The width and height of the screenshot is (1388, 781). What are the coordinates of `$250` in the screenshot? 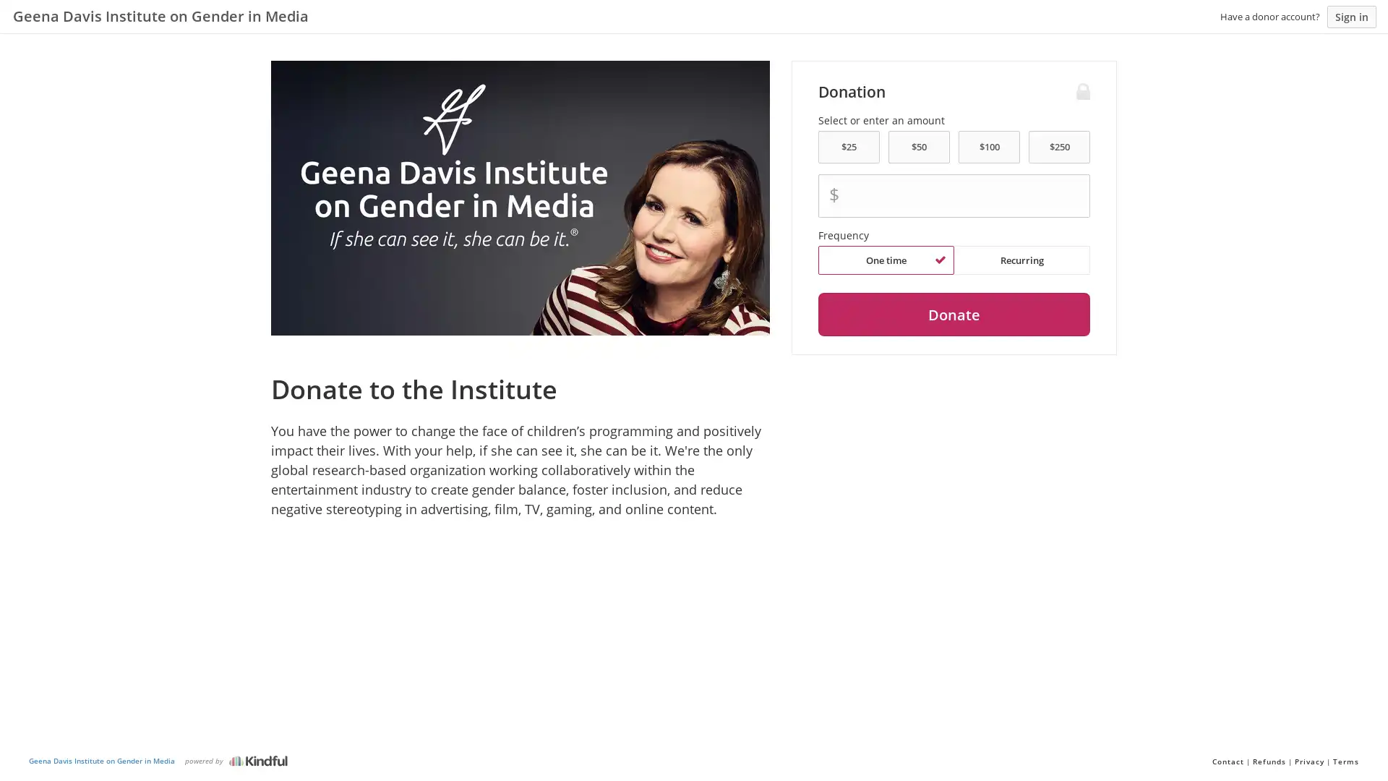 It's located at (1059, 147).